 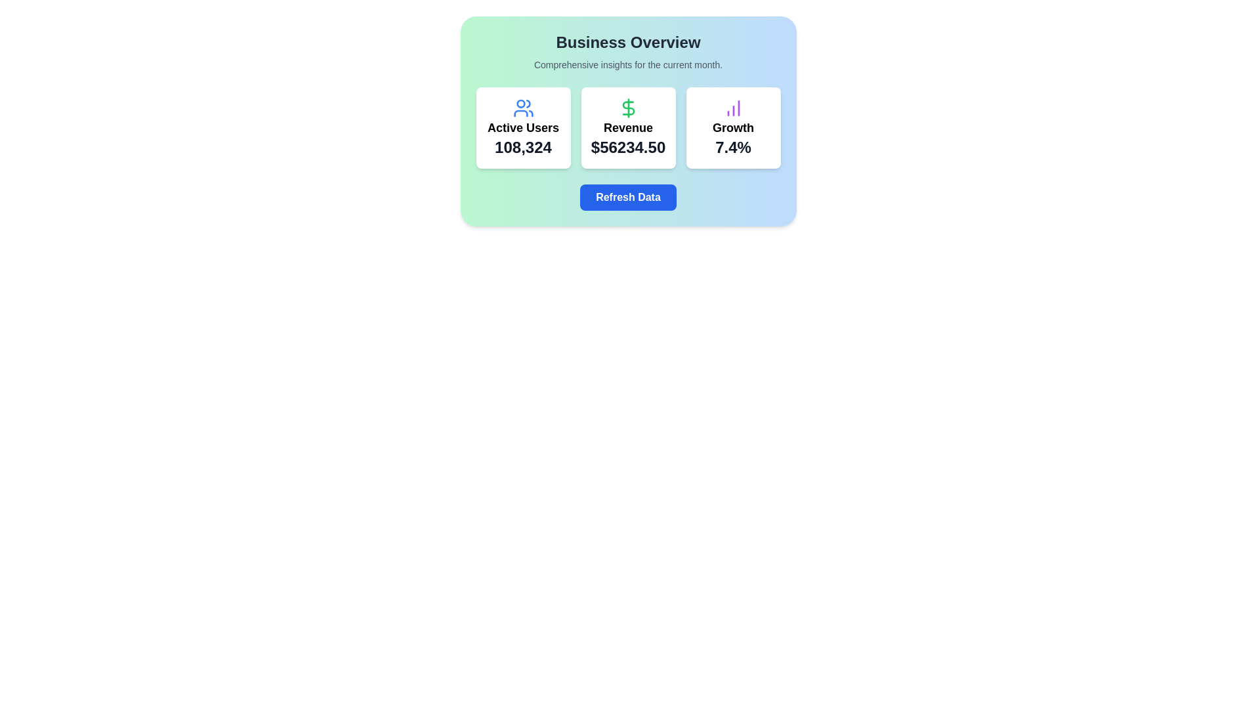 What do you see at coordinates (627, 147) in the screenshot?
I see `the bold numerical value representing the amount in a currency format, located beneath the word 'Revenue'` at bounding box center [627, 147].